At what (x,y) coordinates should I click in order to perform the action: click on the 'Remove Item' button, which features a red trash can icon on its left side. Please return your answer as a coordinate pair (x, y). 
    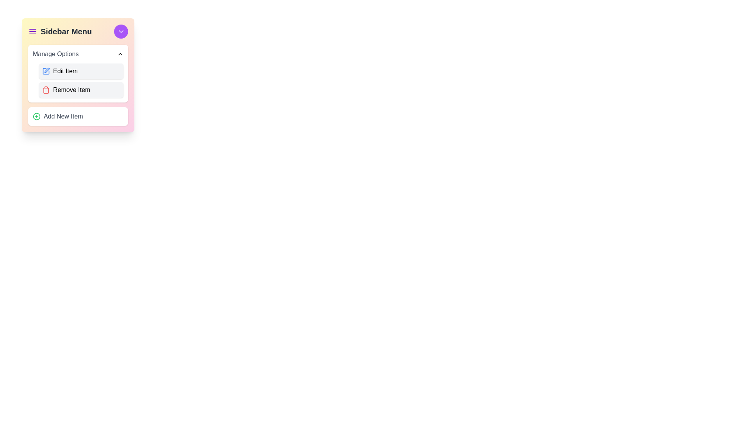
    Looking at the image, I should click on (46, 90).